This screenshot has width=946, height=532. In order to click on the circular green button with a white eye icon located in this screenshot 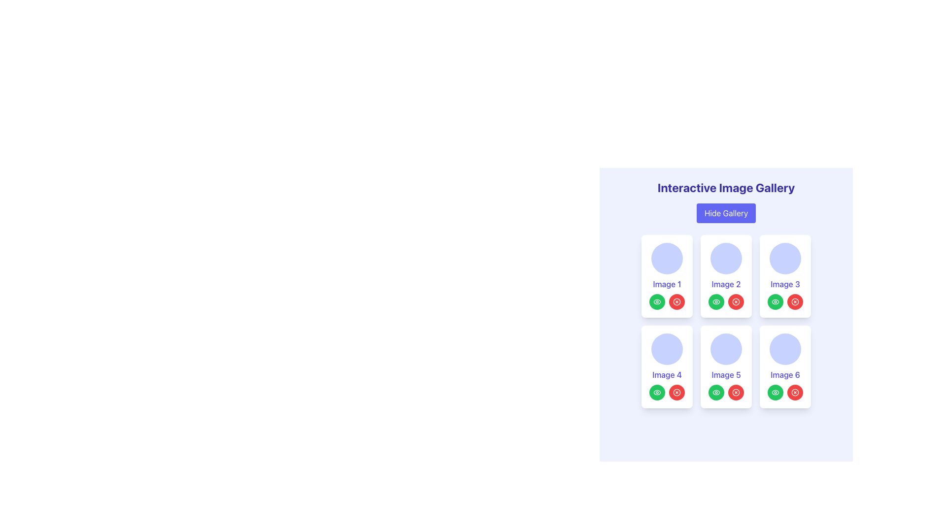, I will do `click(716, 392)`.